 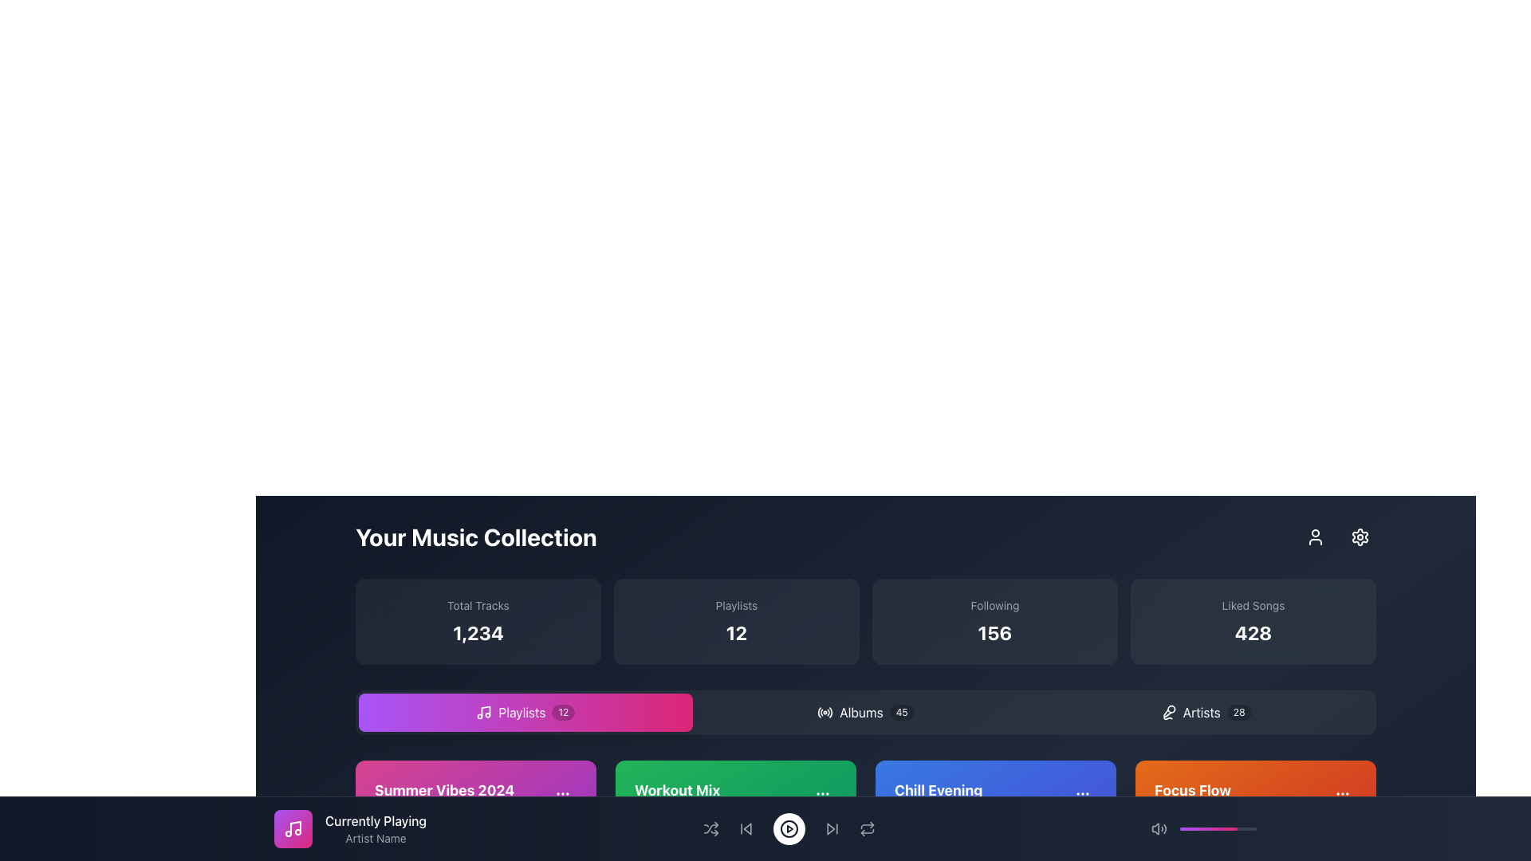 What do you see at coordinates (1192, 790) in the screenshot?
I see `text displayed on the 'Focus Flow' playlist title label, which is centered within its orange backgrounded card located in the bottom-right corner of the playlist grid` at bounding box center [1192, 790].